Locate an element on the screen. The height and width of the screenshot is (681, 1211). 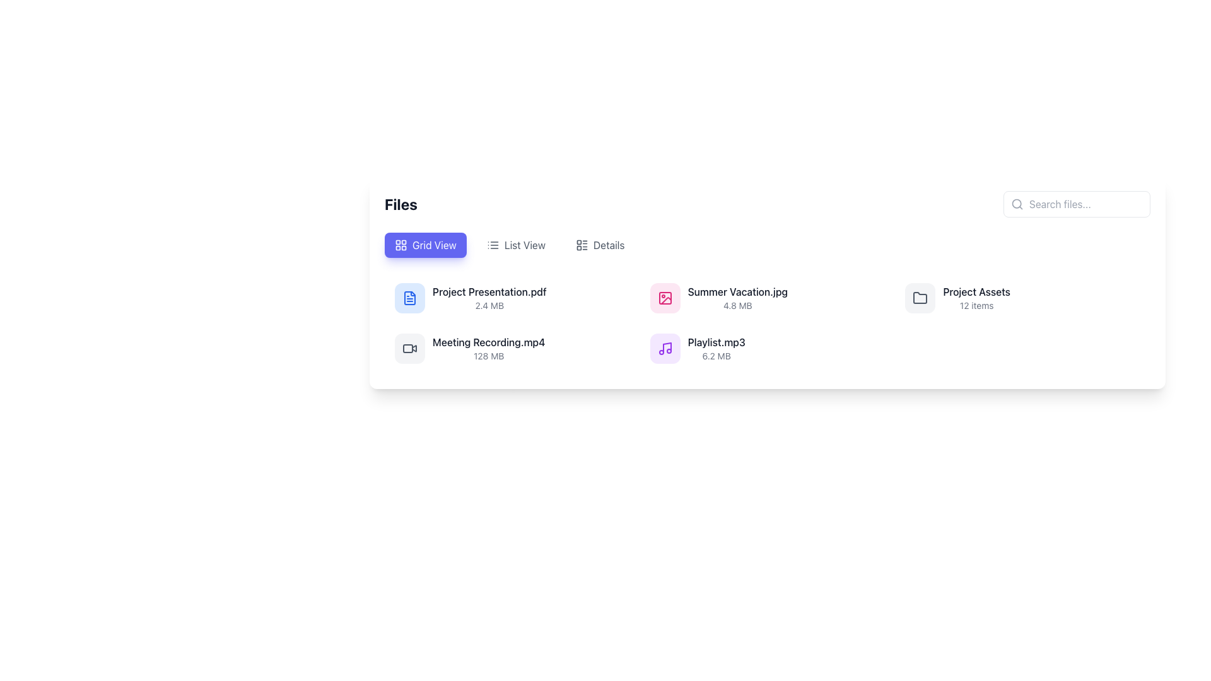
the file entry titled 'Project Presentation.pdf' by single clicking on it is located at coordinates (469, 298).